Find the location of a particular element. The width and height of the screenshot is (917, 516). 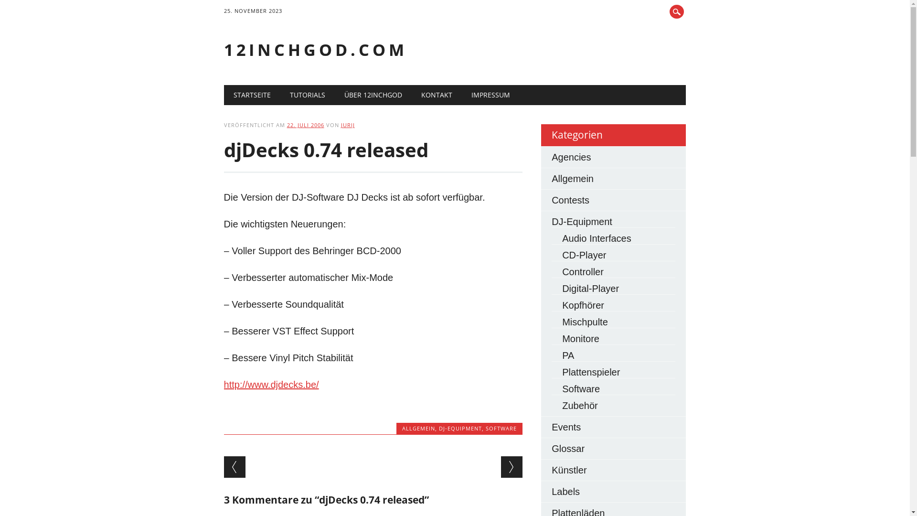

'Events' is located at coordinates (552, 427).